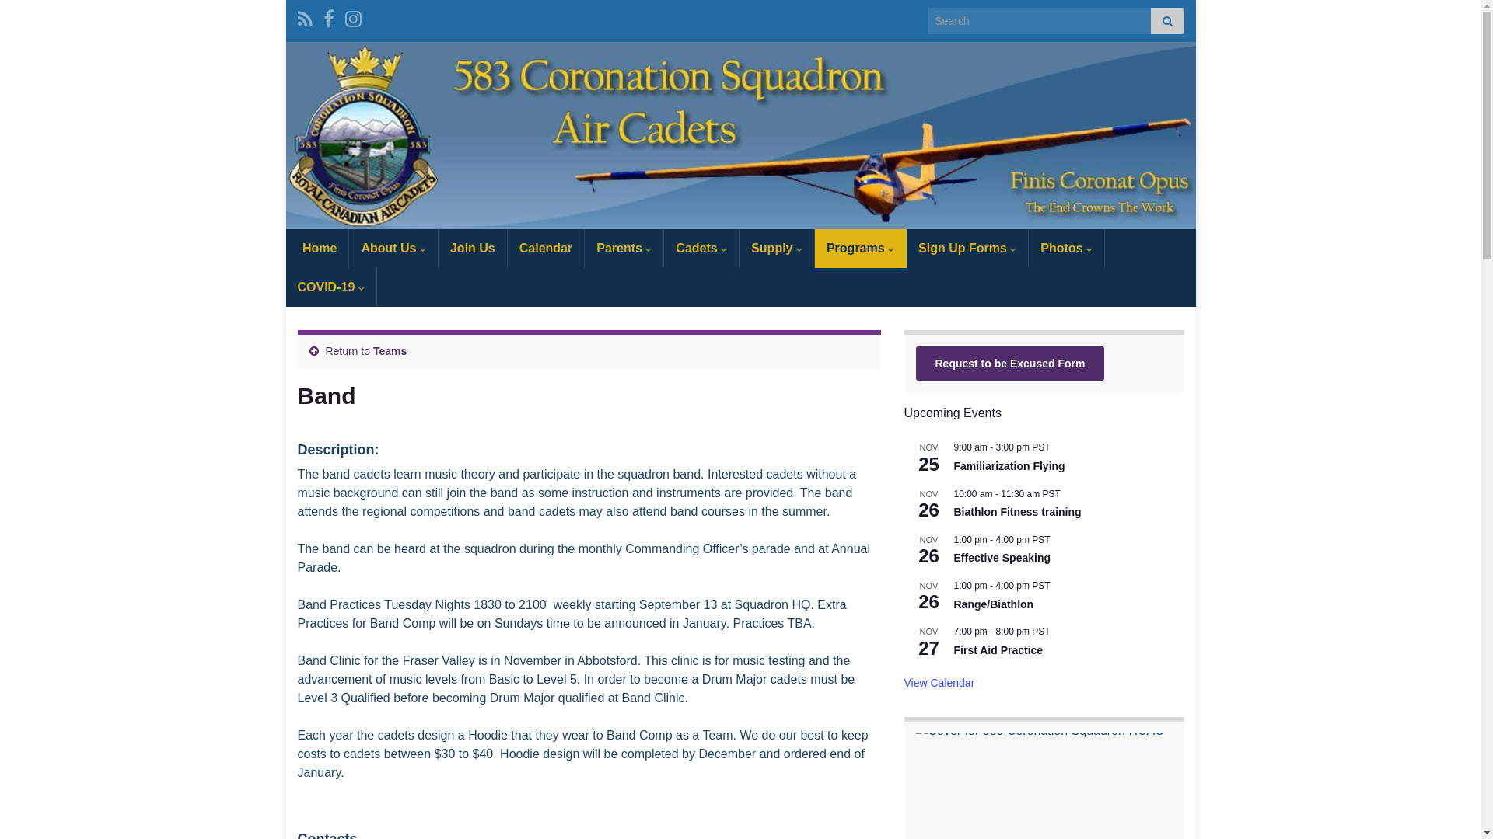 The width and height of the screenshot is (1493, 839). Describe the element at coordinates (998, 650) in the screenshot. I see `'First Aid Practice'` at that location.